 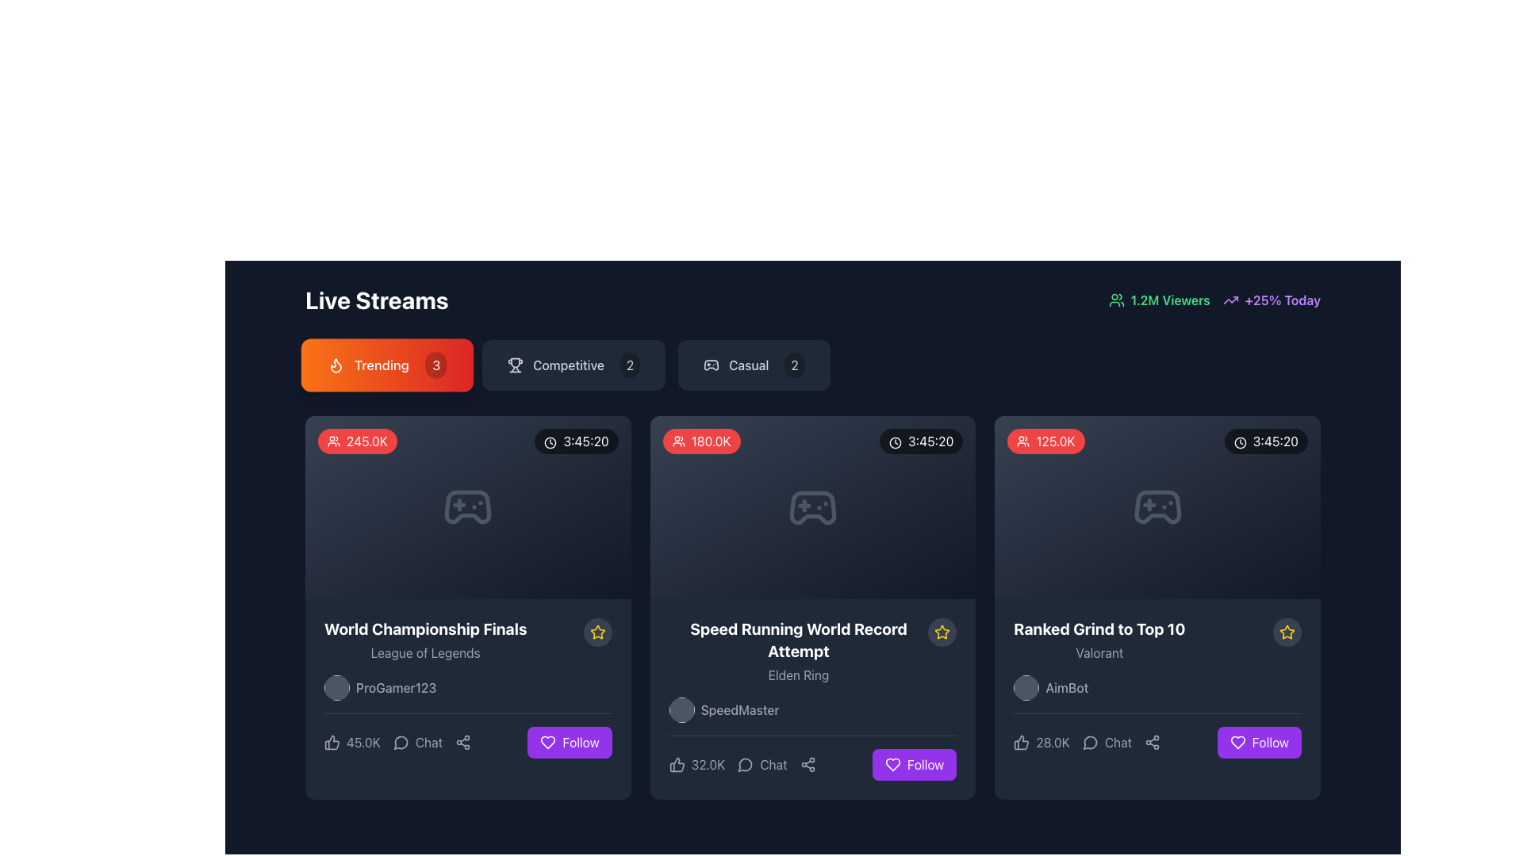 I want to click on the game controller icon, which is centrally located within a card layout in the second column of a row of three cards, above the text 'Speed Running World Record Attempt', so click(x=812, y=507).